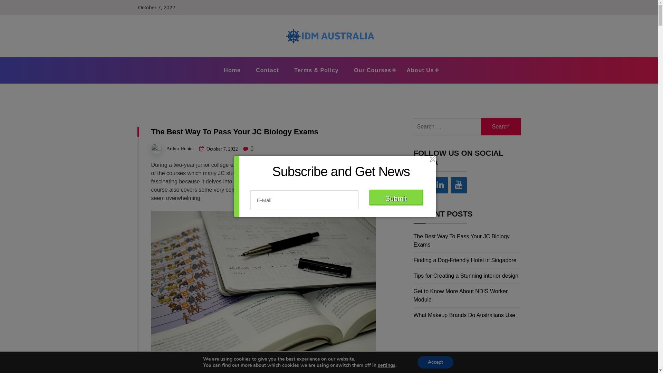 Image resolution: width=663 pixels, height=373 pixels. I want to click on 'Accept', so click(435, 362).